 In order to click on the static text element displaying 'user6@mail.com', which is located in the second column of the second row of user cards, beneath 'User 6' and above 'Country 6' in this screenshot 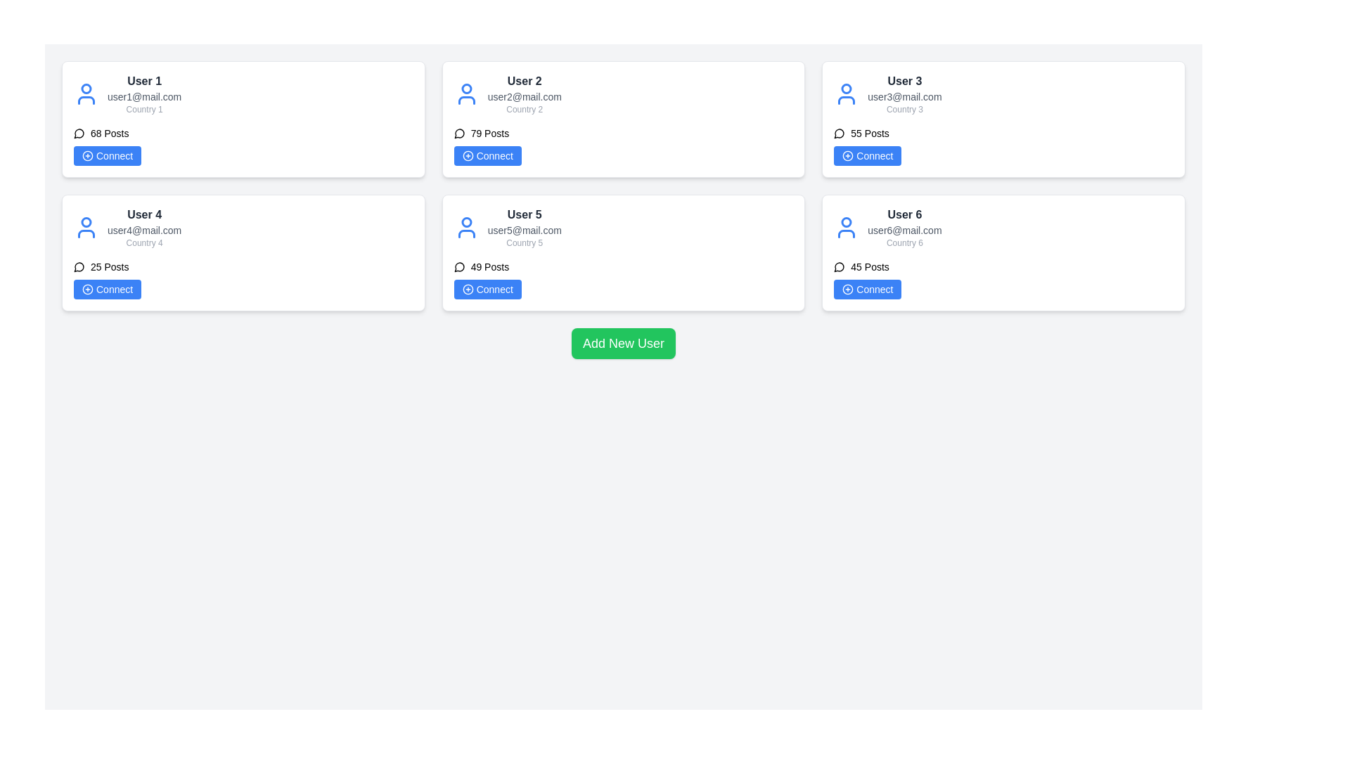, I will do `click(904, 229)`.